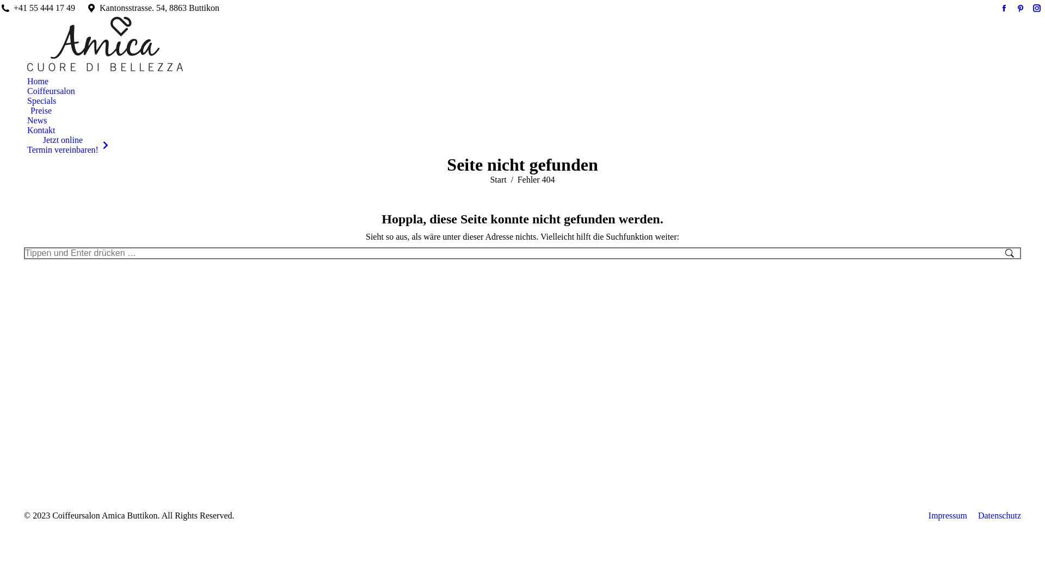 Image resolution: width=1045 pixels, height=587 pixels. What do you see at coordinates (39, 111) in the screenshot?
I see `'Preise'` at bounding box center [39, 111].